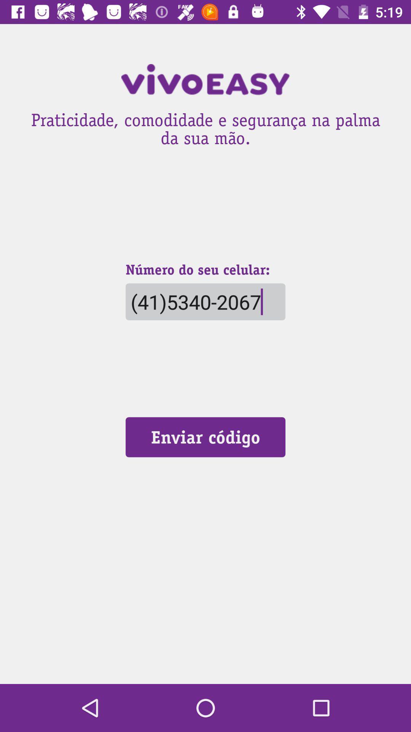 This screenshot has height=732, width=411. I want to click on the (41)5340-2067 item, so click(205, 301).